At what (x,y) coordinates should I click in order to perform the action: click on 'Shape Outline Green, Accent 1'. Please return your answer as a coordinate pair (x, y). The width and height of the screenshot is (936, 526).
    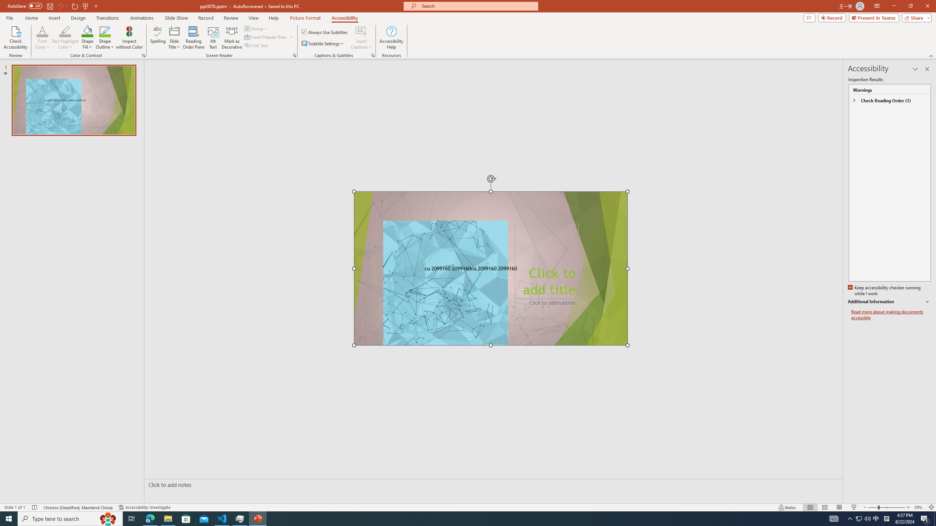
    Looking at the image, I should click on (105, 31).